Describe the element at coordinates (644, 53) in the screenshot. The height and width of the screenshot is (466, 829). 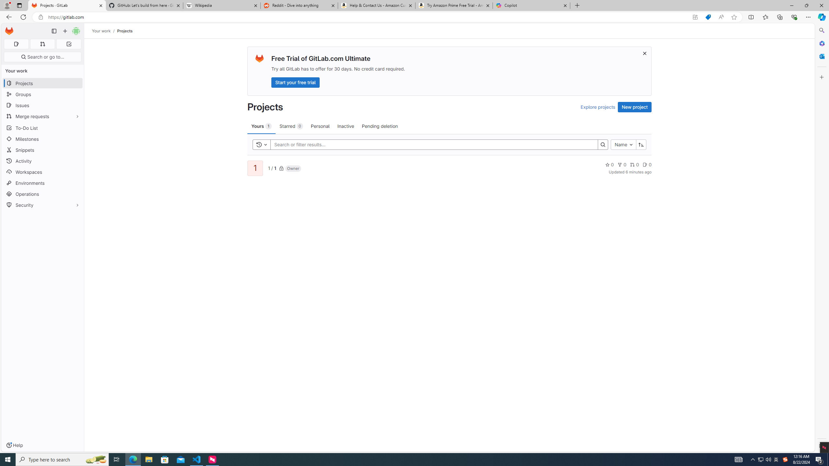
I see `'Class: s16 gl-icon gl-button-icon '` at that location.